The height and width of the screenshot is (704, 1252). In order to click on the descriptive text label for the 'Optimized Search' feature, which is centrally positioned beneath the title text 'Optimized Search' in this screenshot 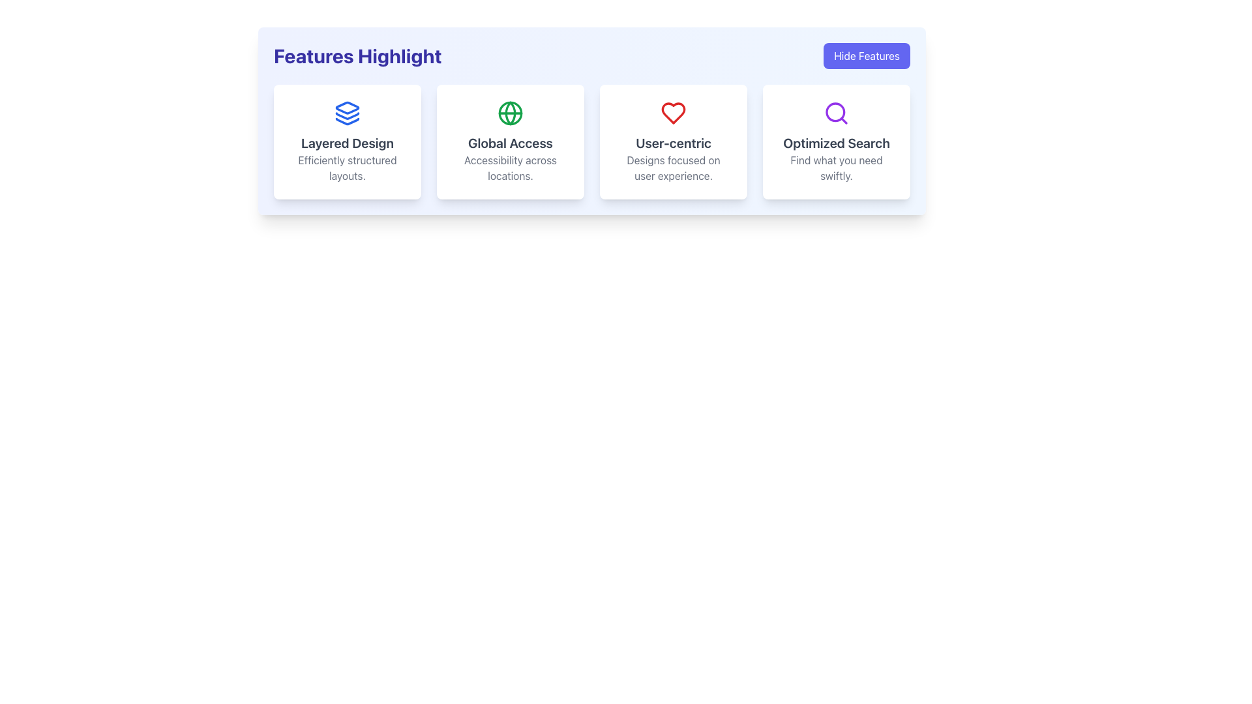, I will do `click(836, 168)`.